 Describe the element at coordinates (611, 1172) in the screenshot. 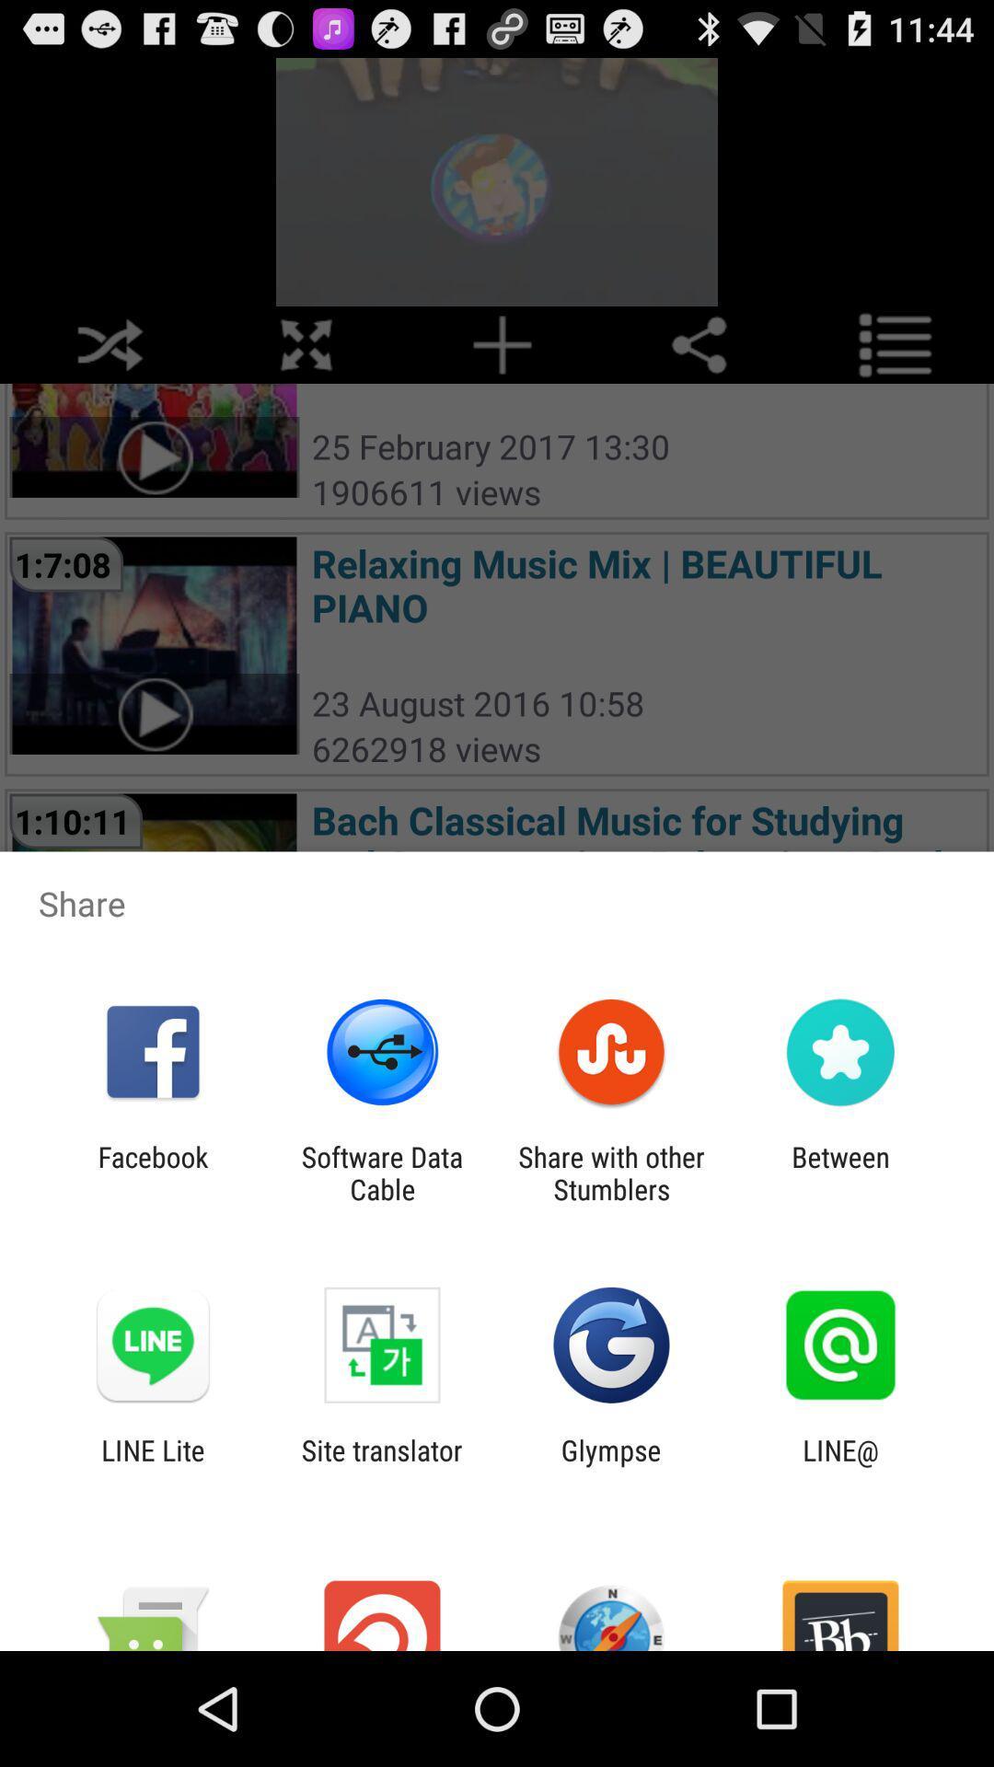

I see `icon to the left of between app` at that location.